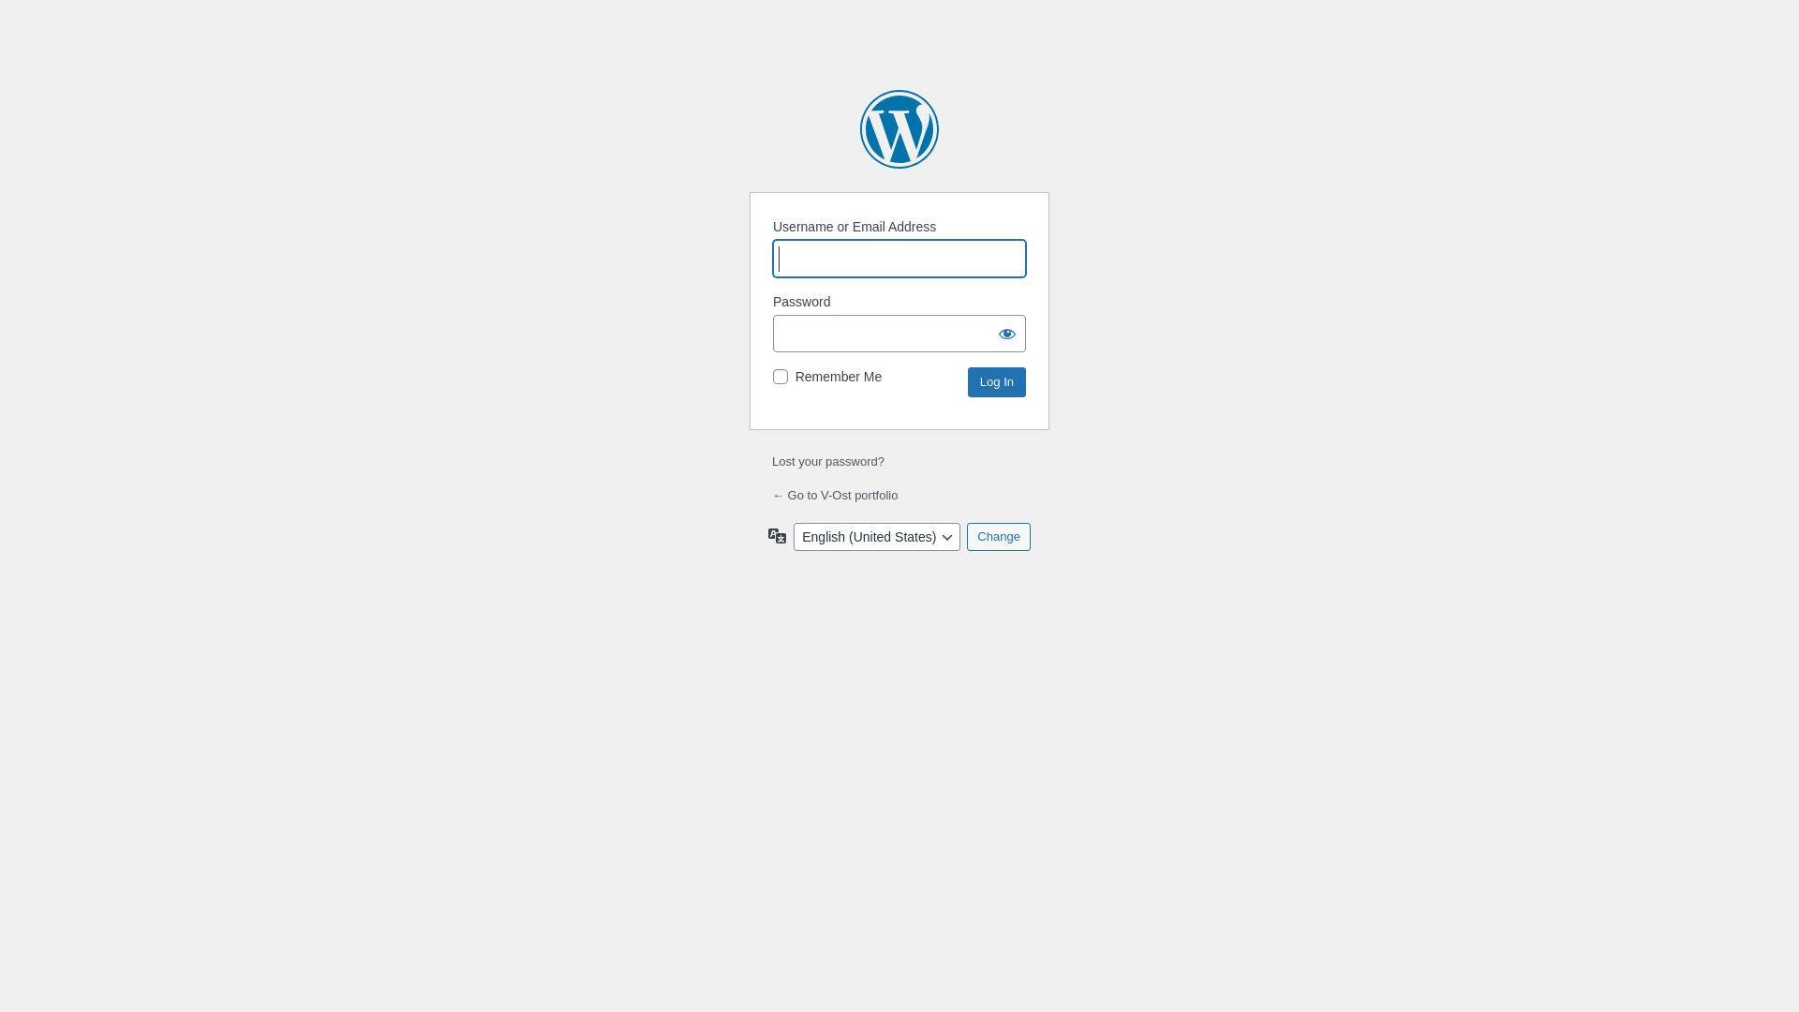 This screenshot has height=1012, width=1799. What do you see at coordinates (899, 128) in the screenshot?
I see `'Powered by WordPress'` at bounding box center [899, 128].